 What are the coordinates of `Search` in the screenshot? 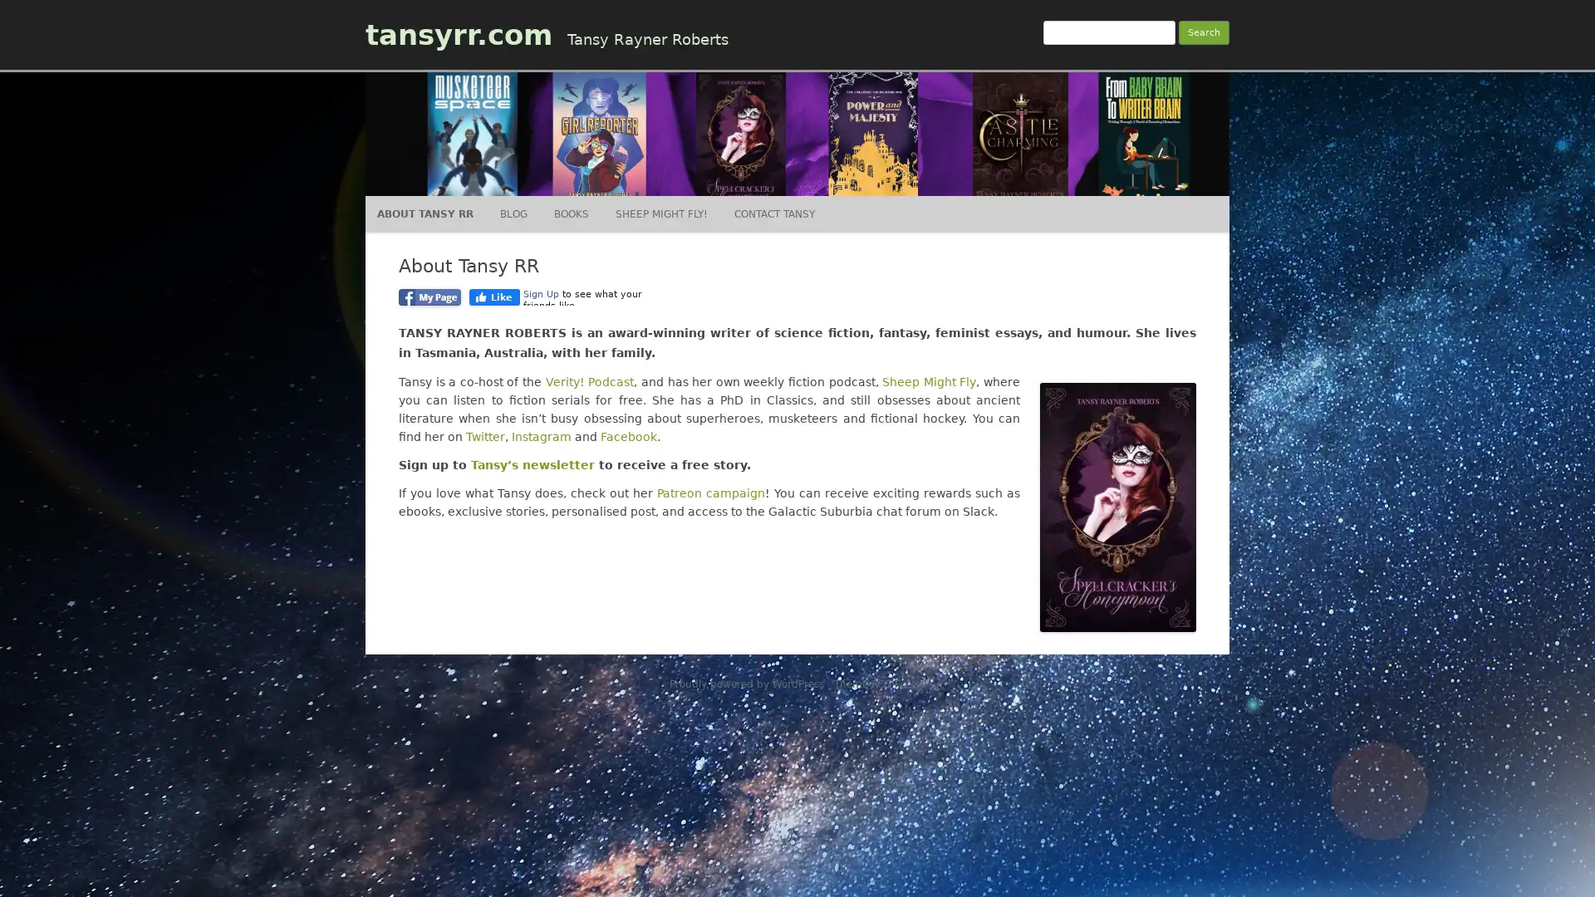 It's located at (1204, 32).